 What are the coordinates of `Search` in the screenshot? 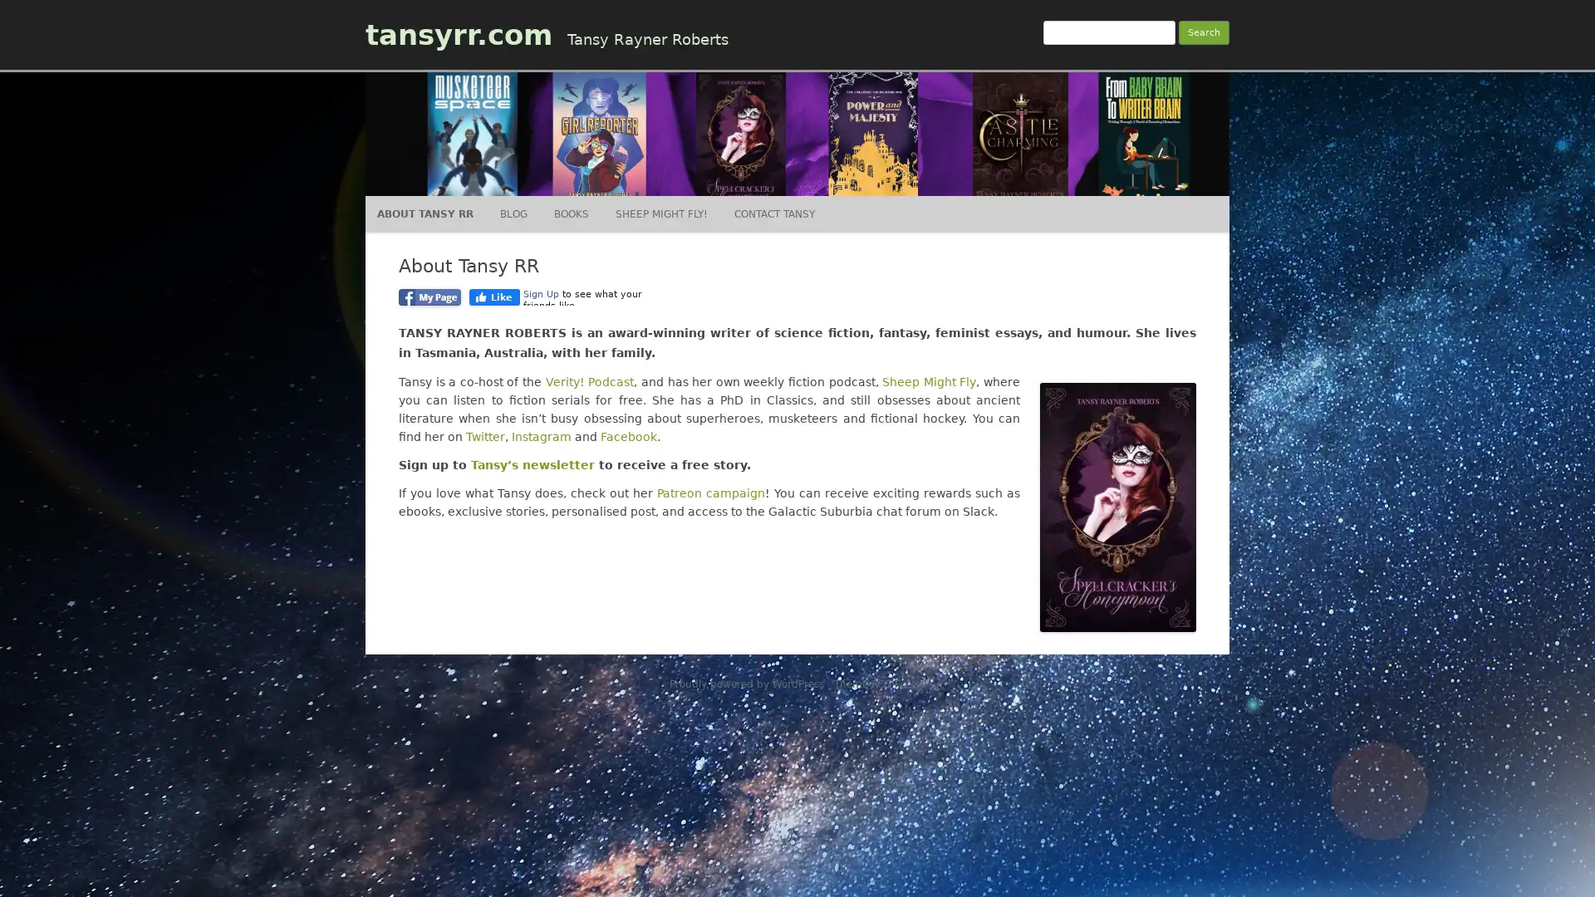 It's located at (1204, 32).